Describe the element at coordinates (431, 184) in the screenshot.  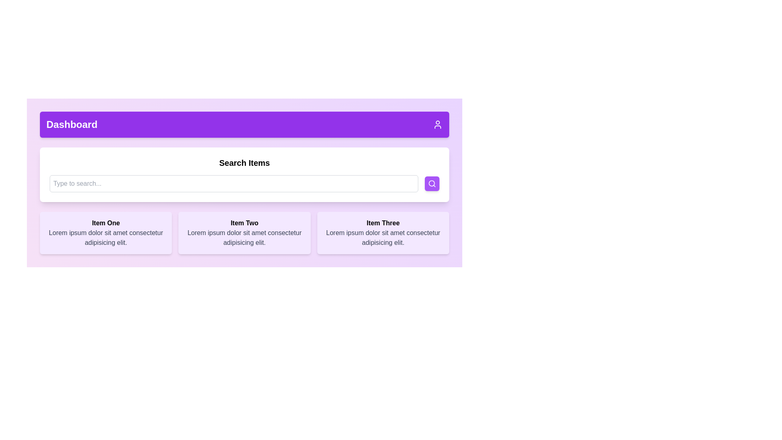
I see `the search icon located at the far-right side of the purple button` at that location.